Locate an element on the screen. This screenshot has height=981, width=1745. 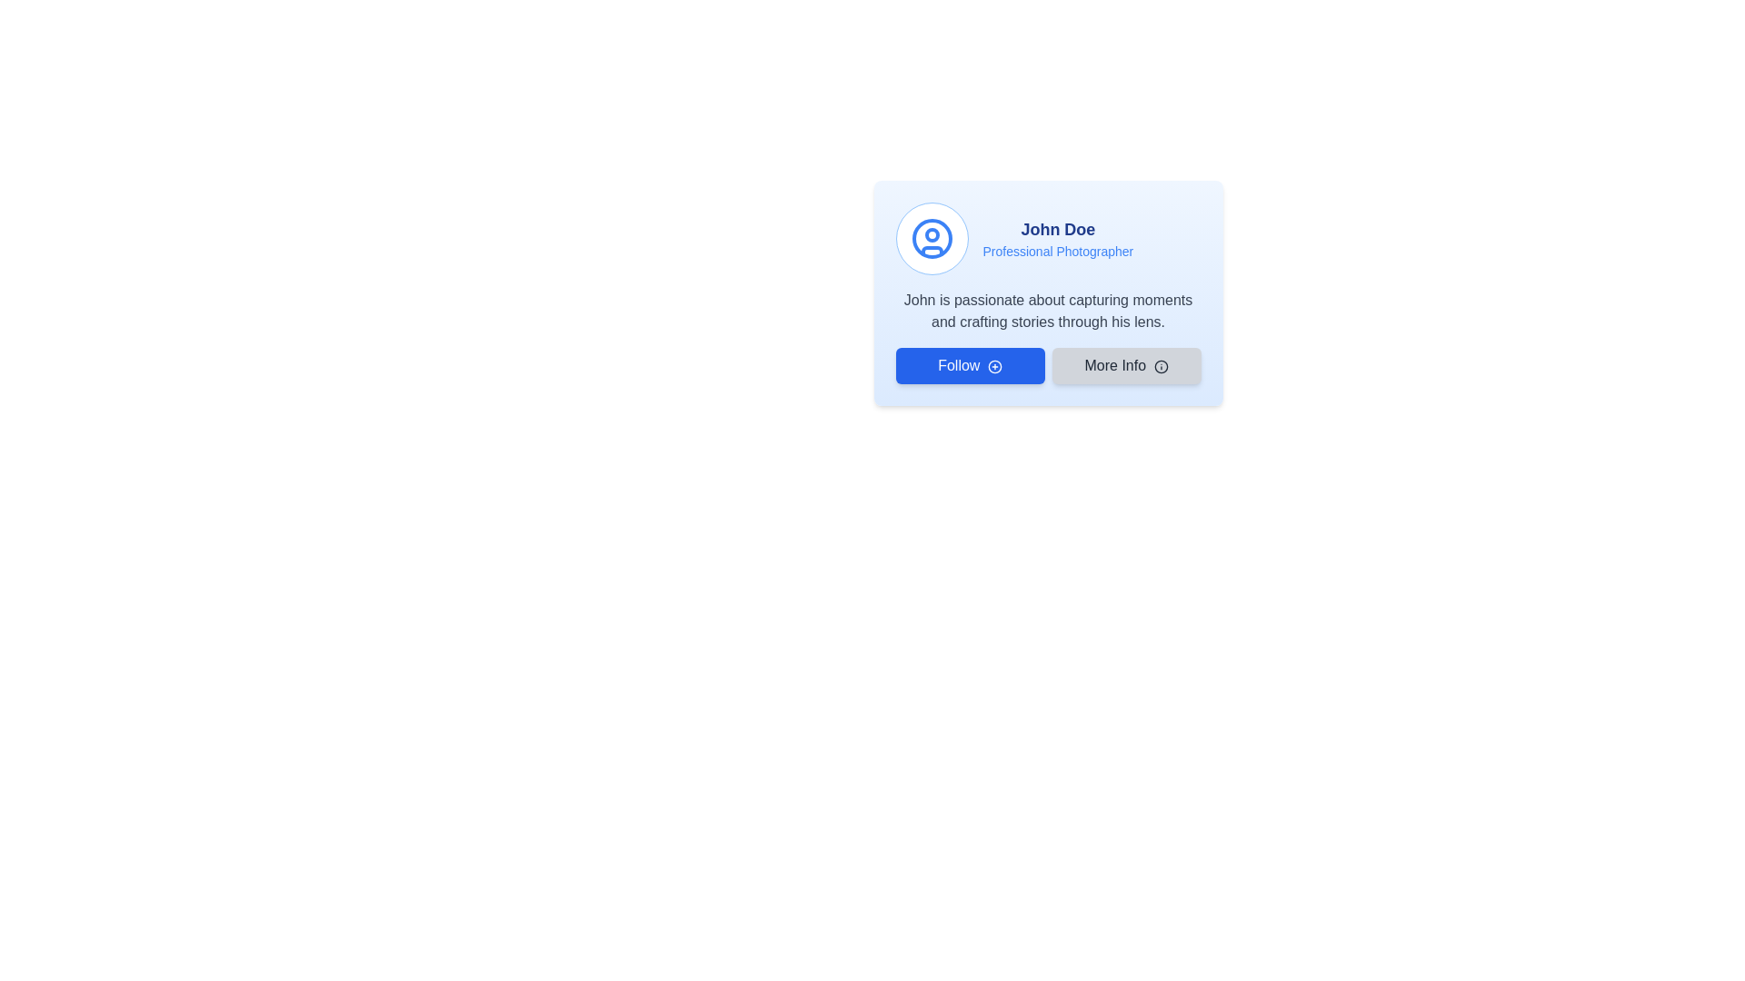
the rectangular blue 'Follow' button with rounded edges, which features white text and a circular '+' icon is located at coordinates (969, 365).